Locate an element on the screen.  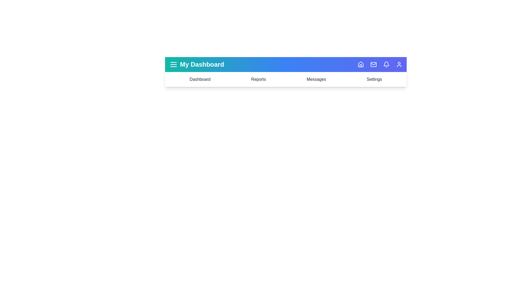
the mail icon in the top bar is located at coordinates (373, 64).